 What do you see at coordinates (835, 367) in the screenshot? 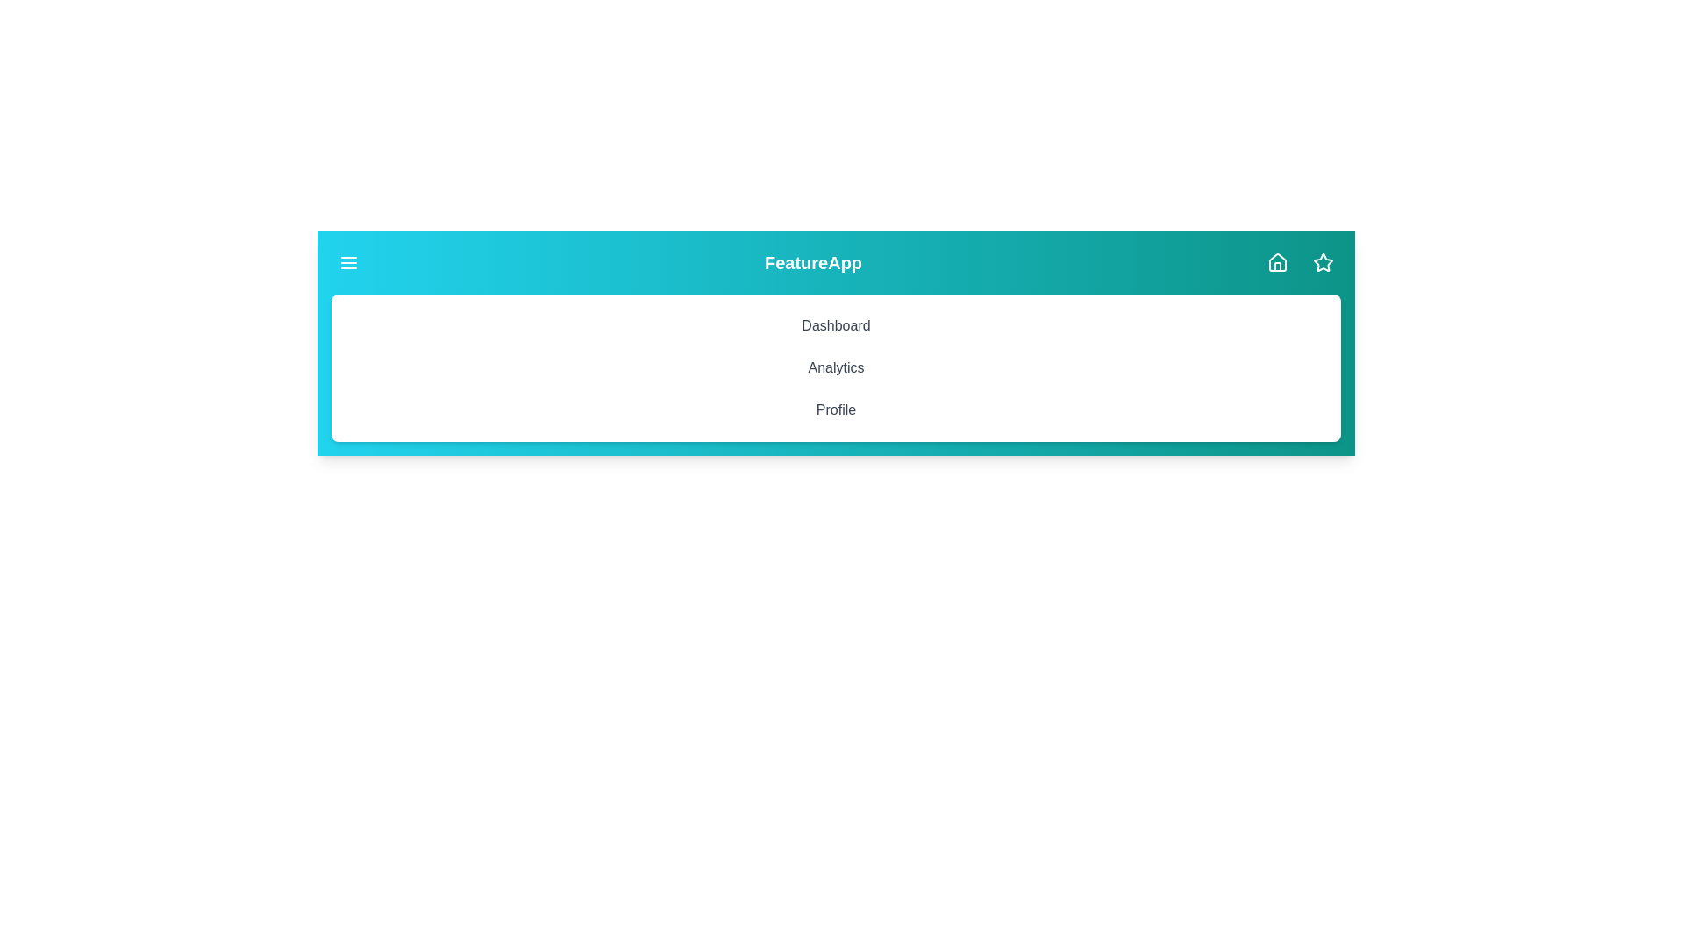
I see `the 'Analytics' menu item to navigate to the Analytics section` at bounding box center [835, 367].